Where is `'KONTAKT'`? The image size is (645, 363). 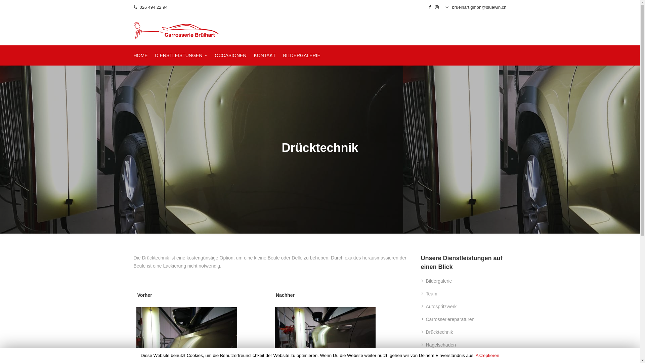 'KONTAKT' is located at coordinates (264, 55).